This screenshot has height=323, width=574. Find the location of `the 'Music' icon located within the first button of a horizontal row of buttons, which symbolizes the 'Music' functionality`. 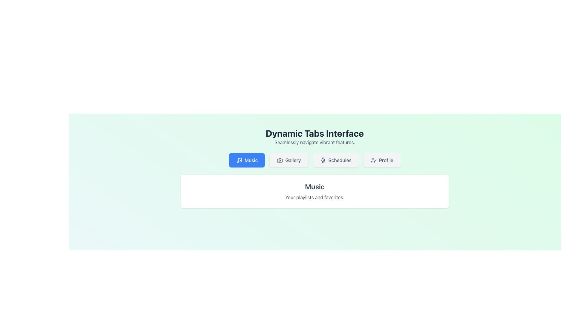

the 'Music' icon located within the first button of a horizontal row of buttons, which symbolizes the 'Music' functionality is located at coordinates (239, 160).